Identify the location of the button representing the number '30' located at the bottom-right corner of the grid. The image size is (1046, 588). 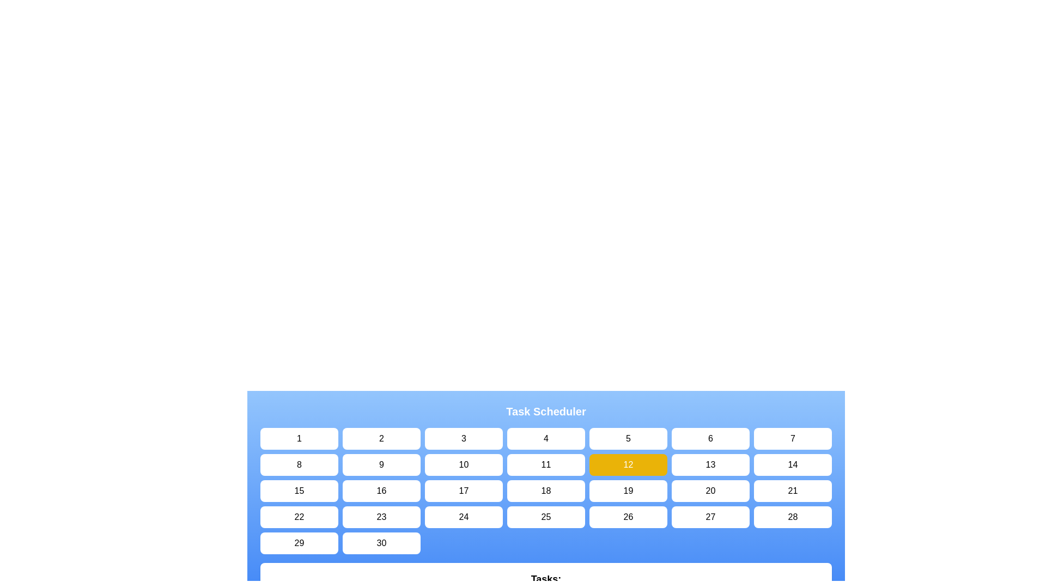
(381, 543).